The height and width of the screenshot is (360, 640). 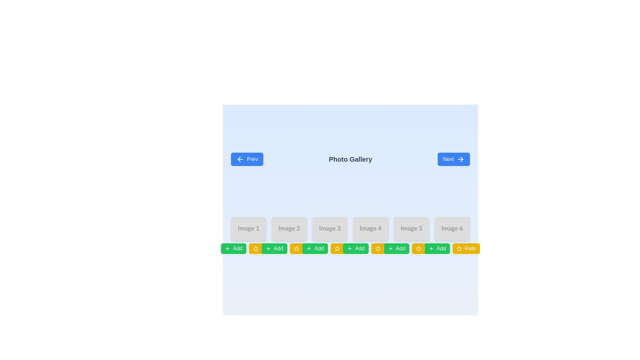 I want to click on the leftward arrow SVG icon located within the 'Prev' button on the navigation bar at the top of the interface, so click(x=239, y=159).